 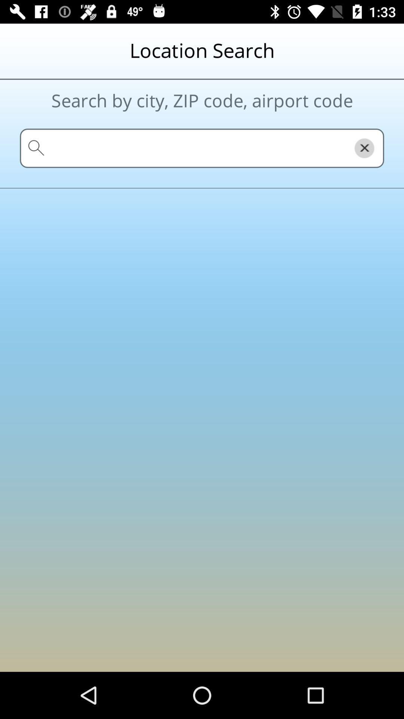 I want to click on the search icon, so click(x=36, y=148).